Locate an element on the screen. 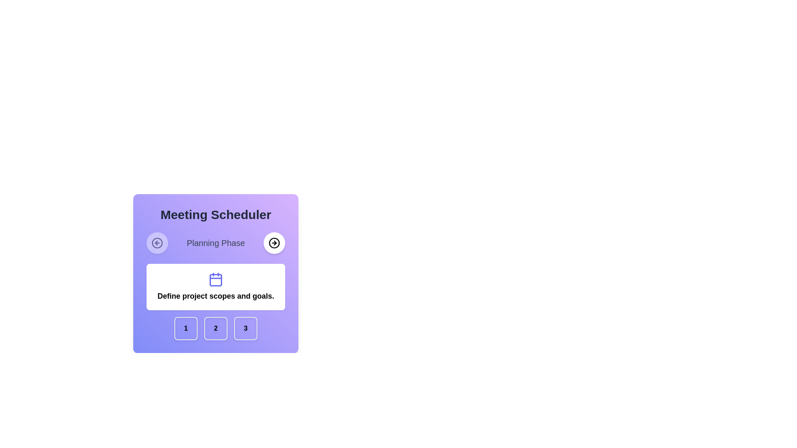 This screenshot has width=797, height=448. the Arrow icon within the circular SVG graphic located to the right of the 'Planning Phase' text in the 'Meeting Scheduler' interface is located at coordinates (275, 243).